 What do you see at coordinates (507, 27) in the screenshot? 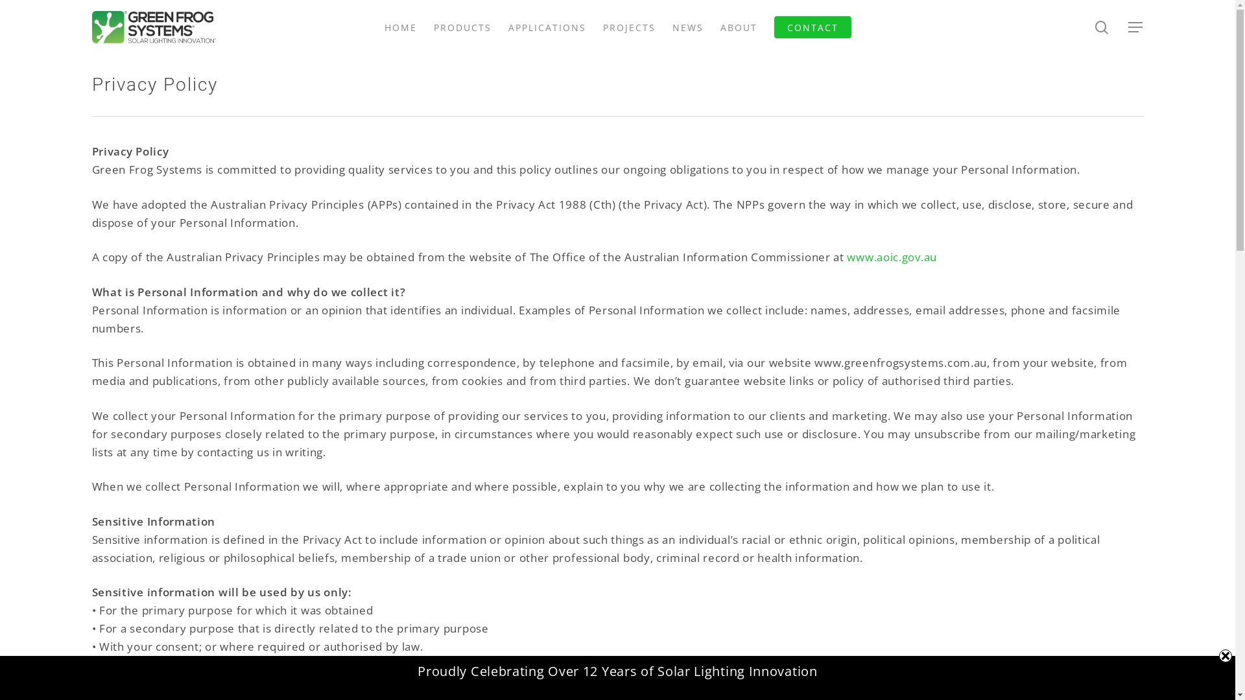
I see `'APPLICATIONS'` at bounding box center [507, 27].